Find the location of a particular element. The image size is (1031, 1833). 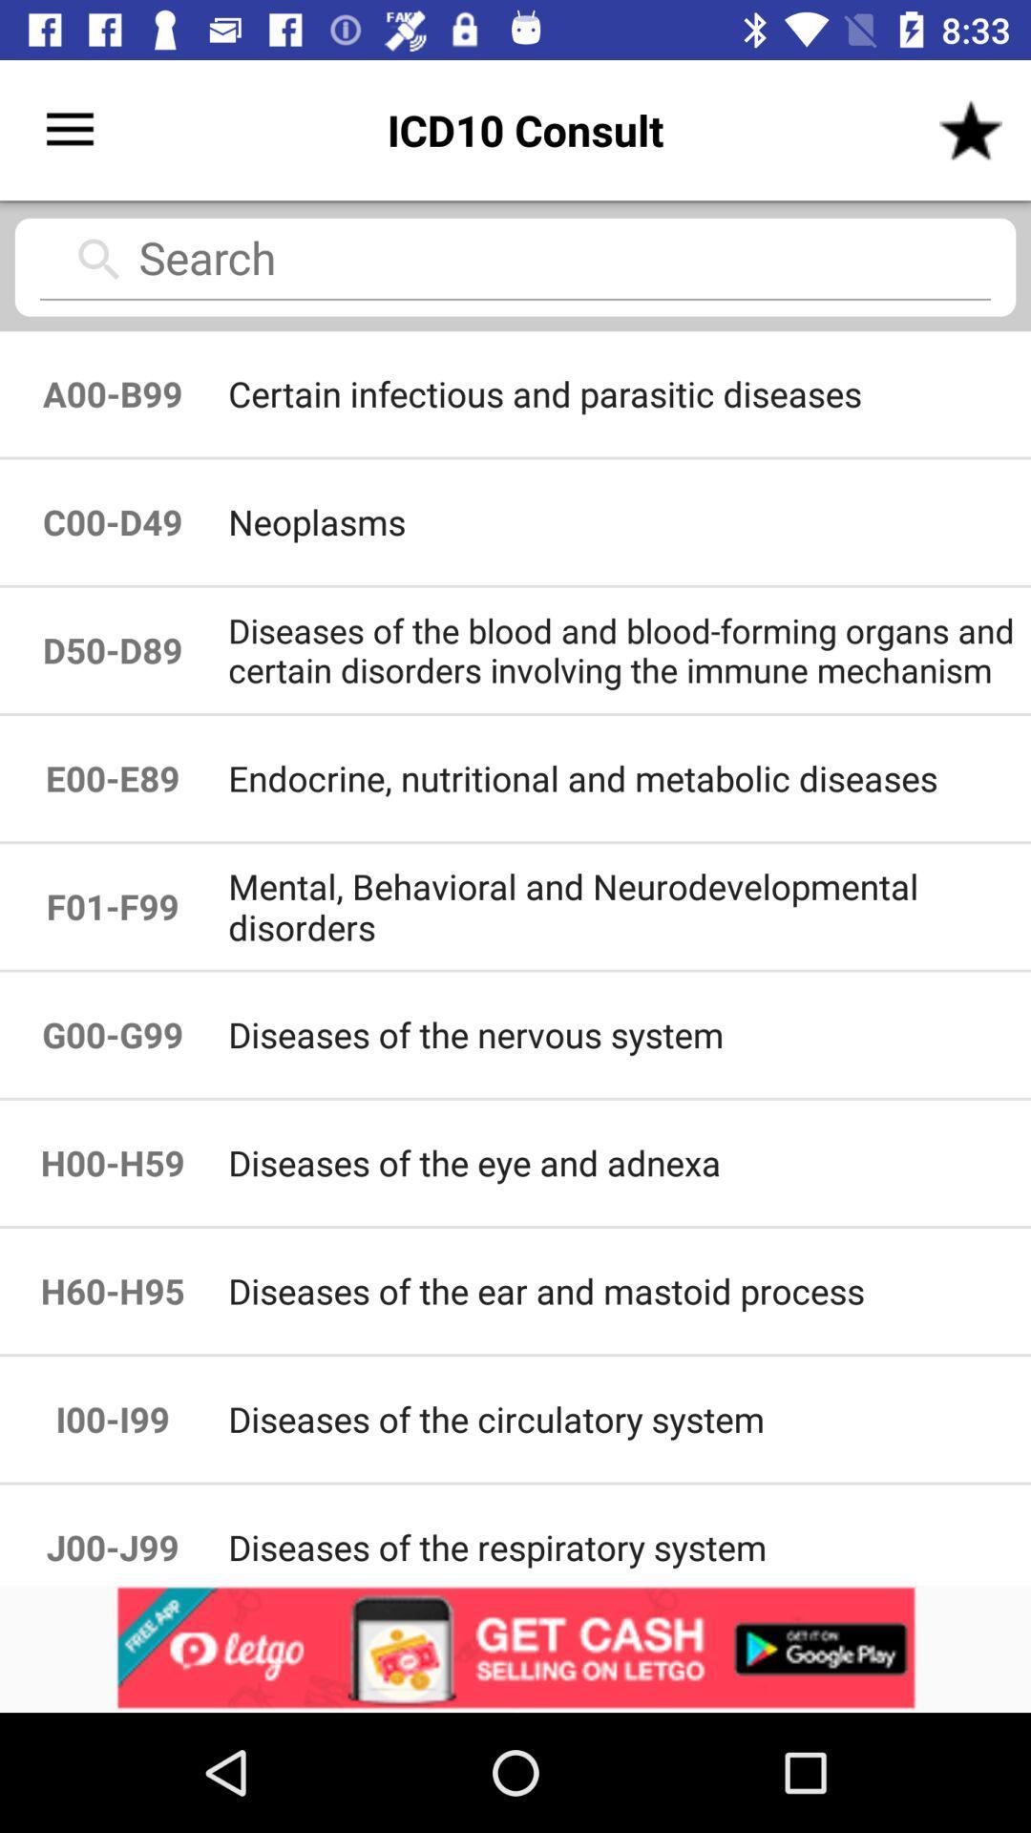

the i00-i99 item is located at coordinates (113, 1419).